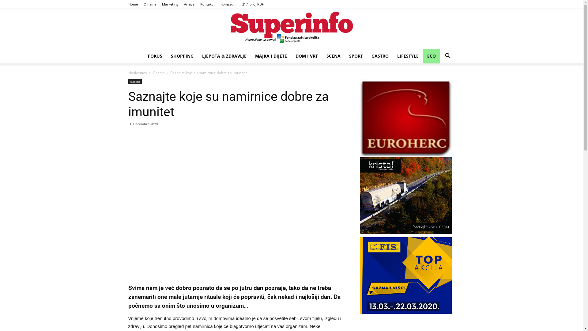  I want to click on 'Home', so click(127, 4).